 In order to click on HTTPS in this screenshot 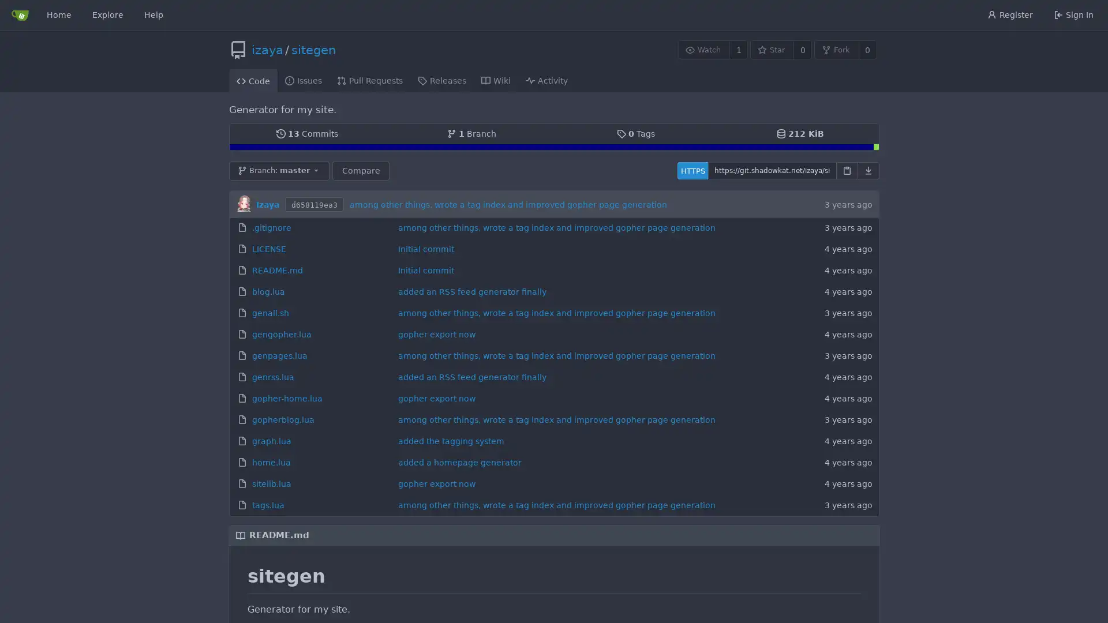, I will do `click(692, 171)`.